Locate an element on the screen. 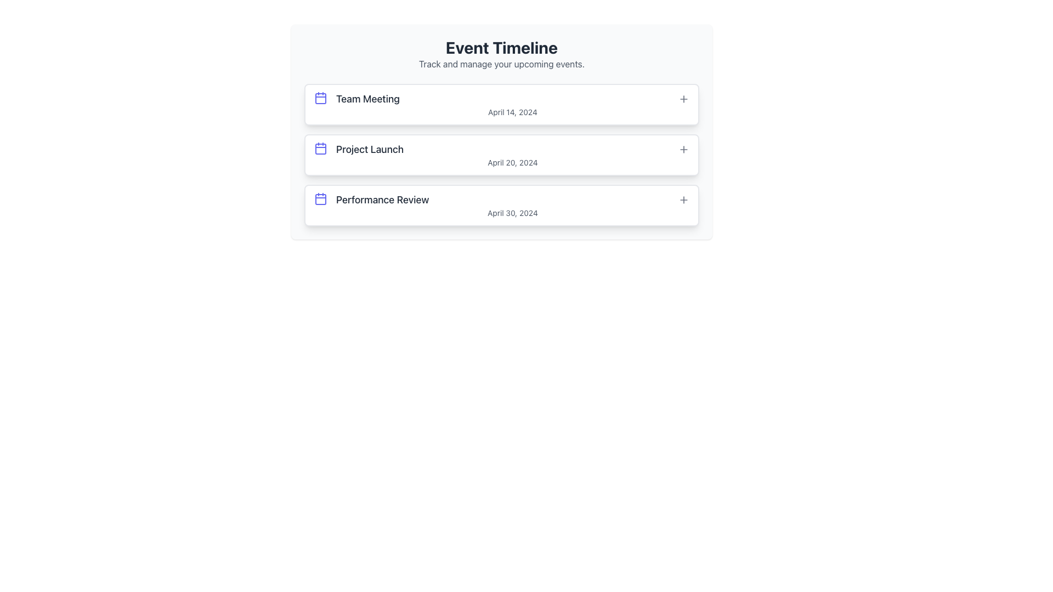 This screenshot has height=592, width=1053. the date icon located on the leftmost side of the third list item in the 'Event Timeline' section, which is aligned with the label 'Performance Review' is located at coordinates (320, 198).